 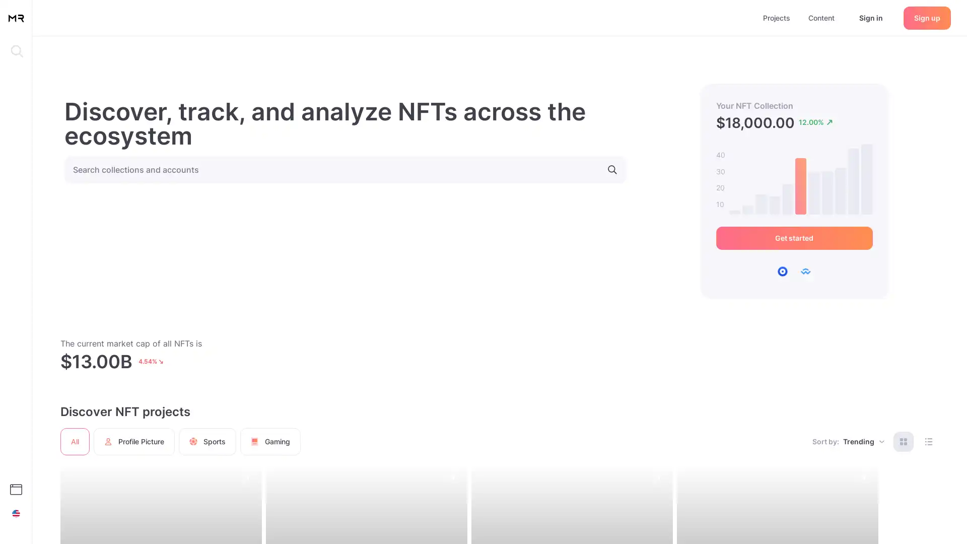 I want to click on Sign up, so click(x=927, y=17).